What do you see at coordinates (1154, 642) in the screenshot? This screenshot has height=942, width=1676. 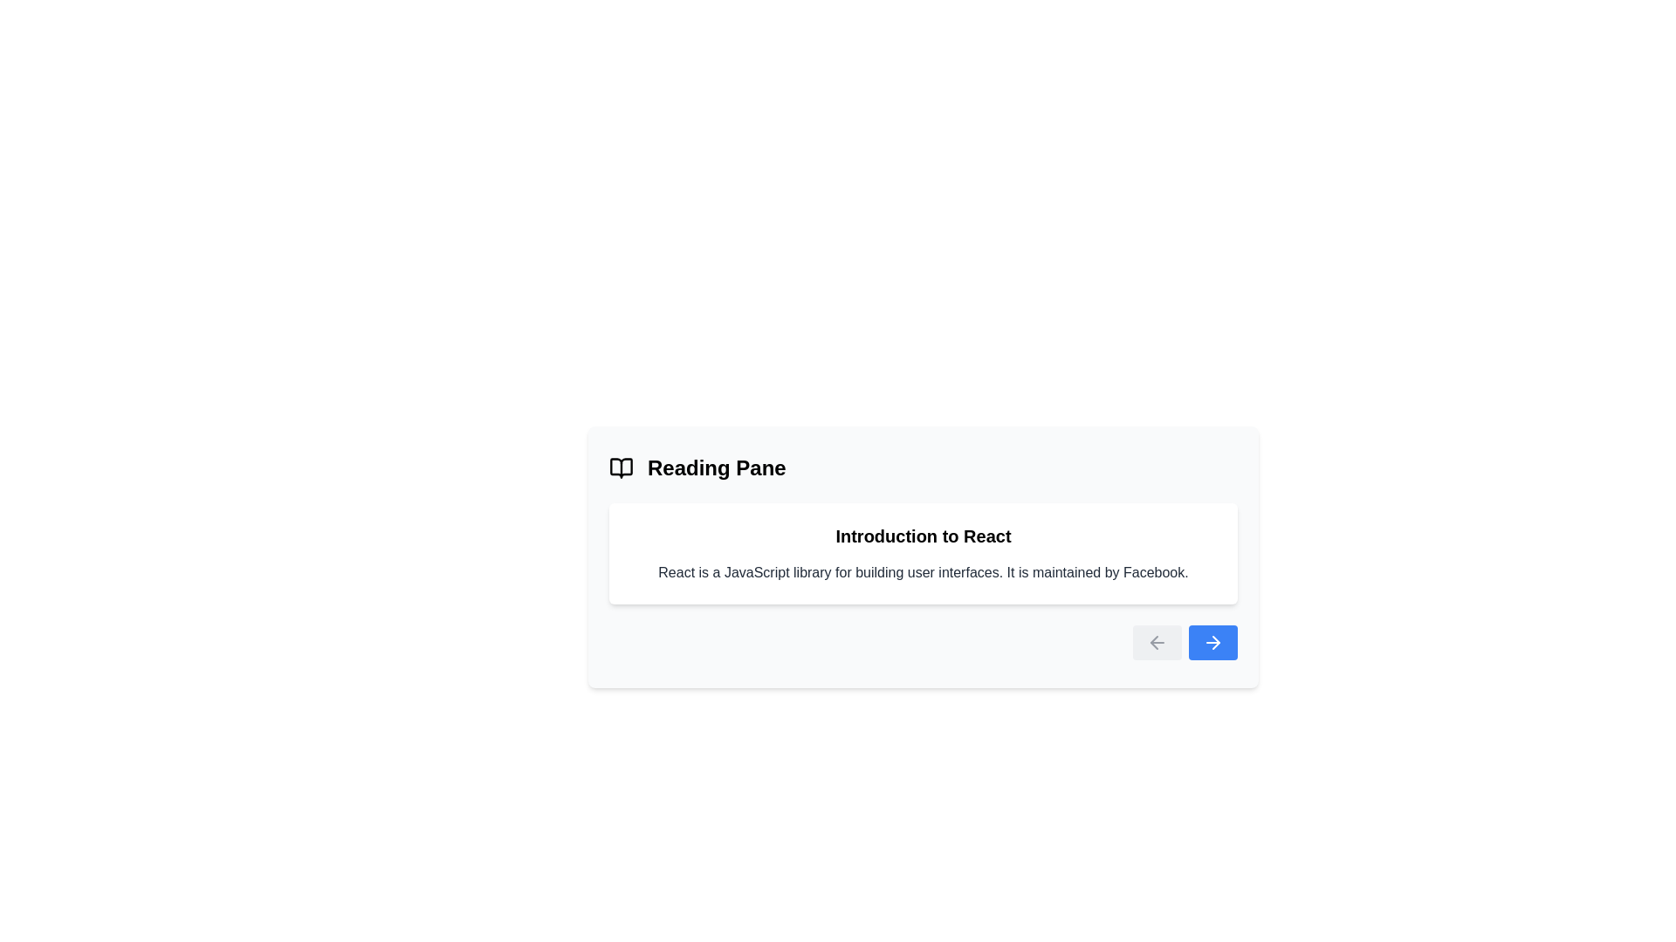 I see `the left-pointing portion of the arrow icon graphic, which is part of a rectangular button located at the bottom right corner of the card interface` at bounding box center [1154, 642].